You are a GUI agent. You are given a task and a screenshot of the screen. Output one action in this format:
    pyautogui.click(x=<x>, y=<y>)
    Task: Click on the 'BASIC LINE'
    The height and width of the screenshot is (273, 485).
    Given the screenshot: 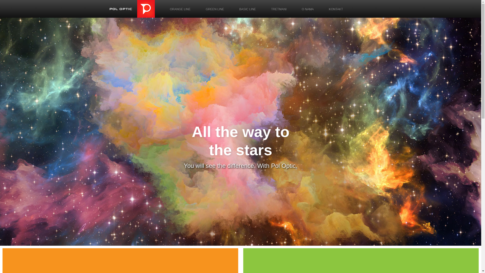 What is the action you would take?
    pyautogui.click(x=247, y=9)
    